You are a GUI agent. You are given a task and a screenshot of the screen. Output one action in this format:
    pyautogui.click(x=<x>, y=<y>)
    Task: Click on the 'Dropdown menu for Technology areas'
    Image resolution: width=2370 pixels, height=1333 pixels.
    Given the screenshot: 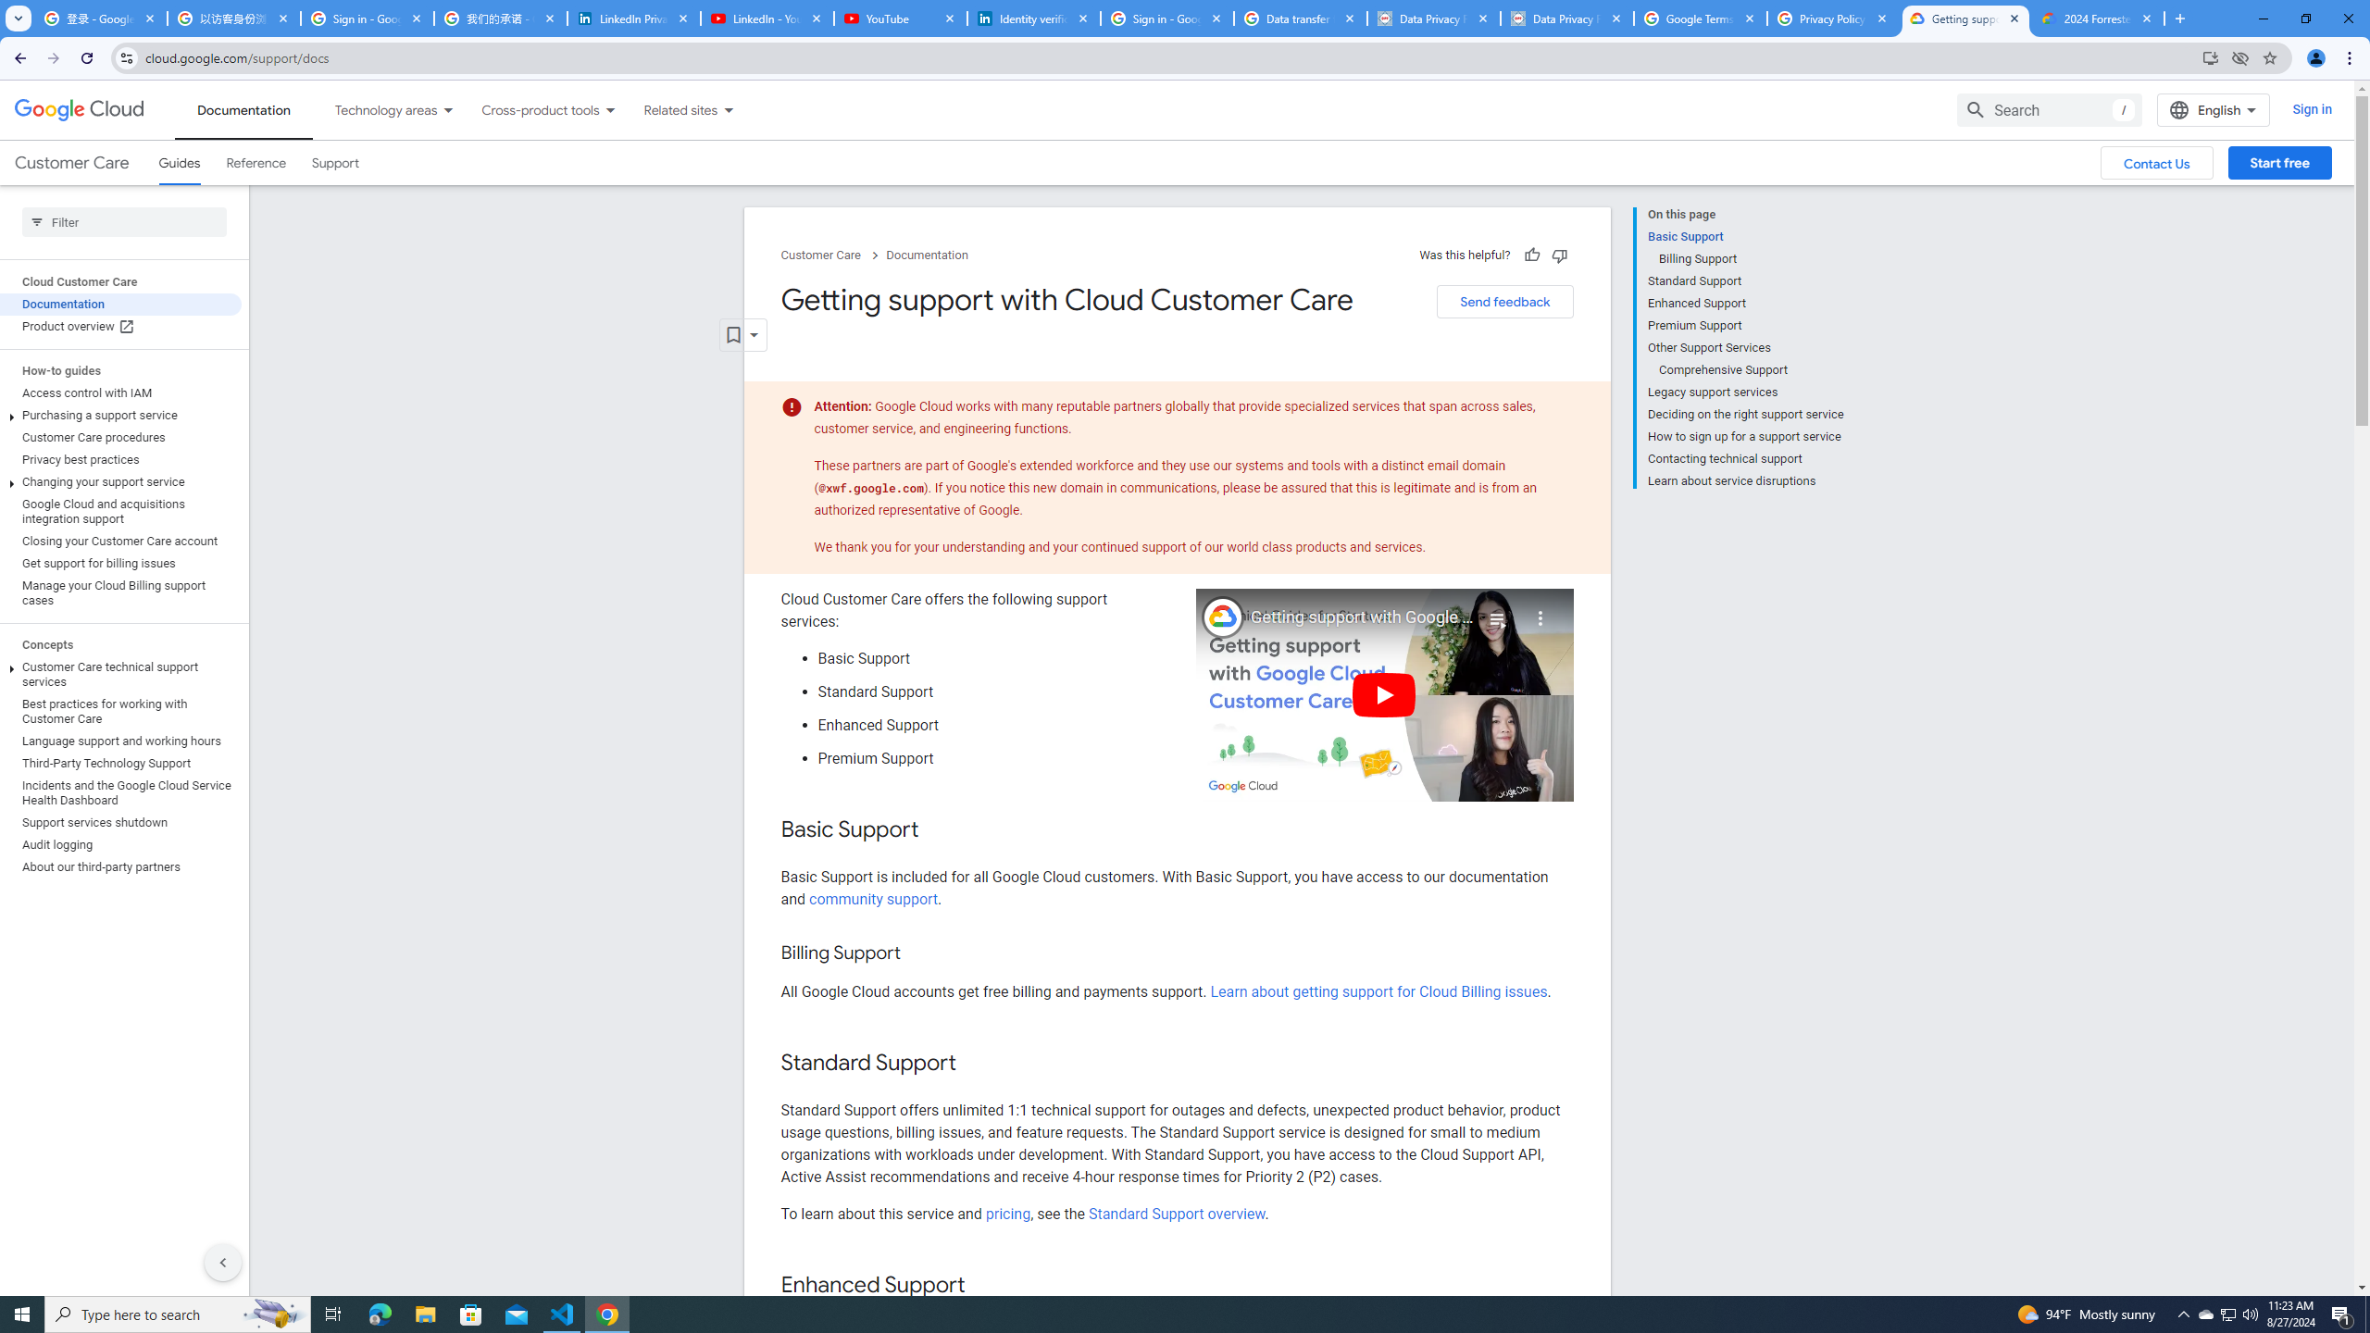 What is the action you would take?
    pyautogui.click(x=446, y=109)
    